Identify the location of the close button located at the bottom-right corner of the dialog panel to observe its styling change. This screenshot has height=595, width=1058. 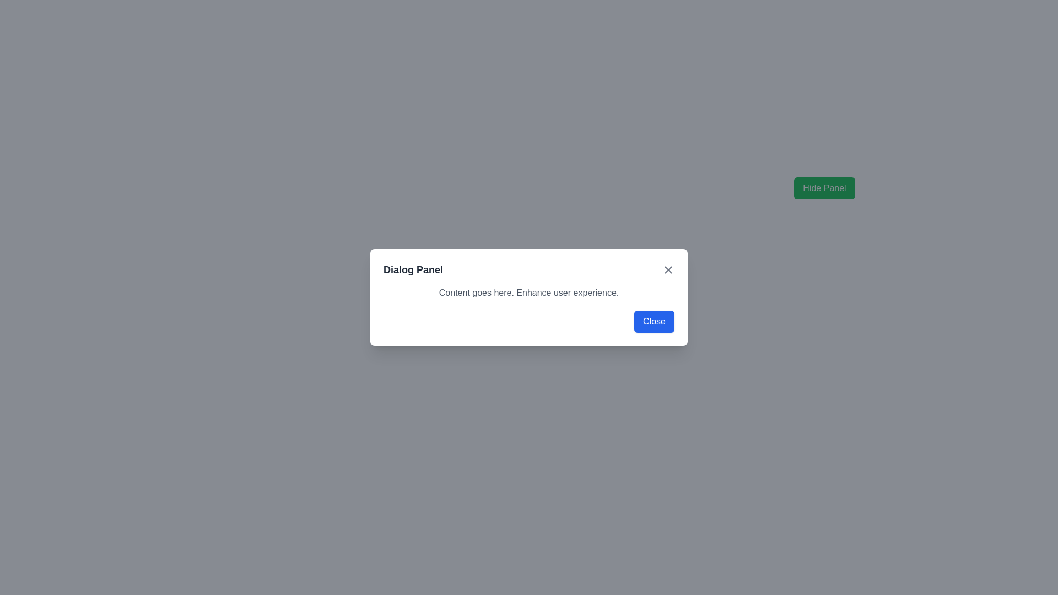
(654, 321).